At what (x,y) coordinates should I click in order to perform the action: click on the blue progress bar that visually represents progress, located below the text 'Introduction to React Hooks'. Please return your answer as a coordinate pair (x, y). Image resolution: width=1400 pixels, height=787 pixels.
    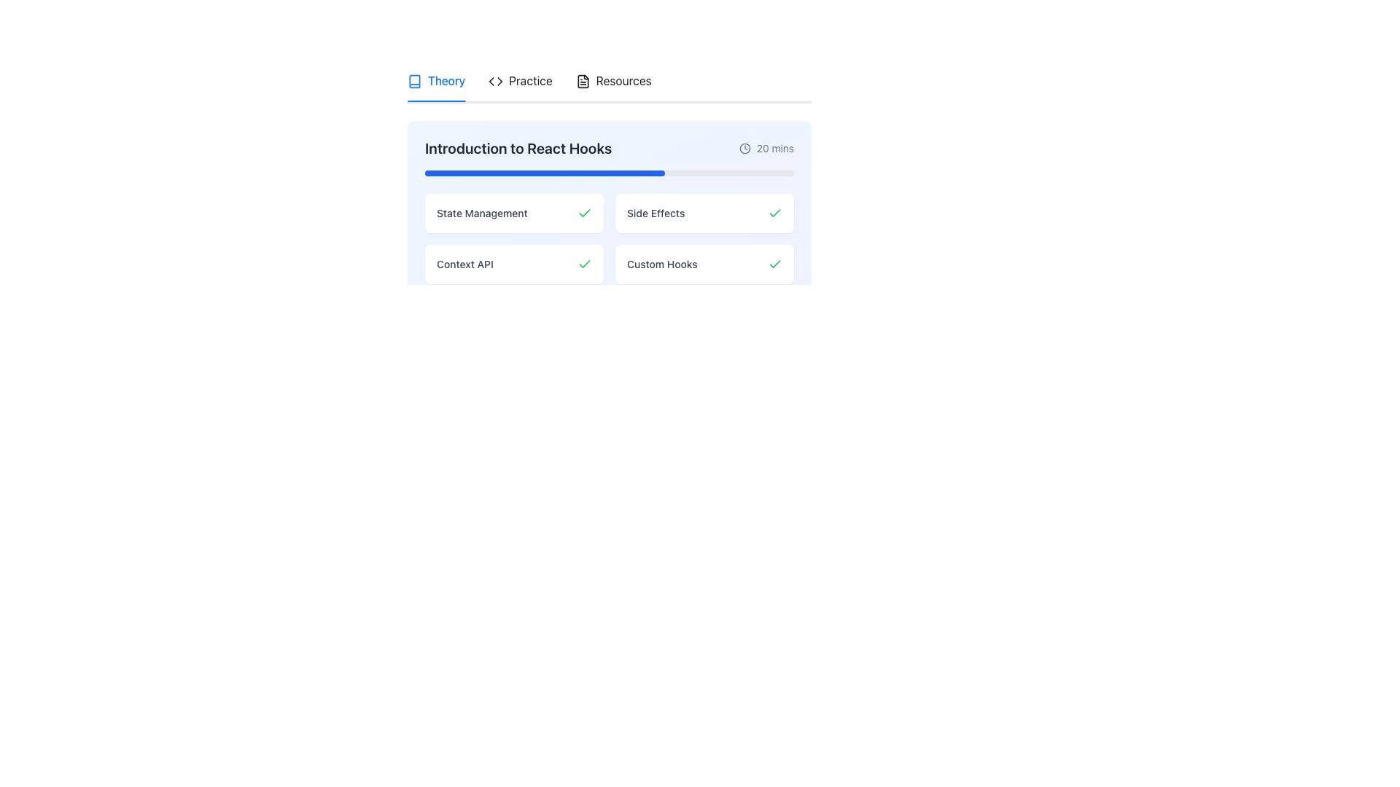
    Looking at the image, I should click on (544, 173).